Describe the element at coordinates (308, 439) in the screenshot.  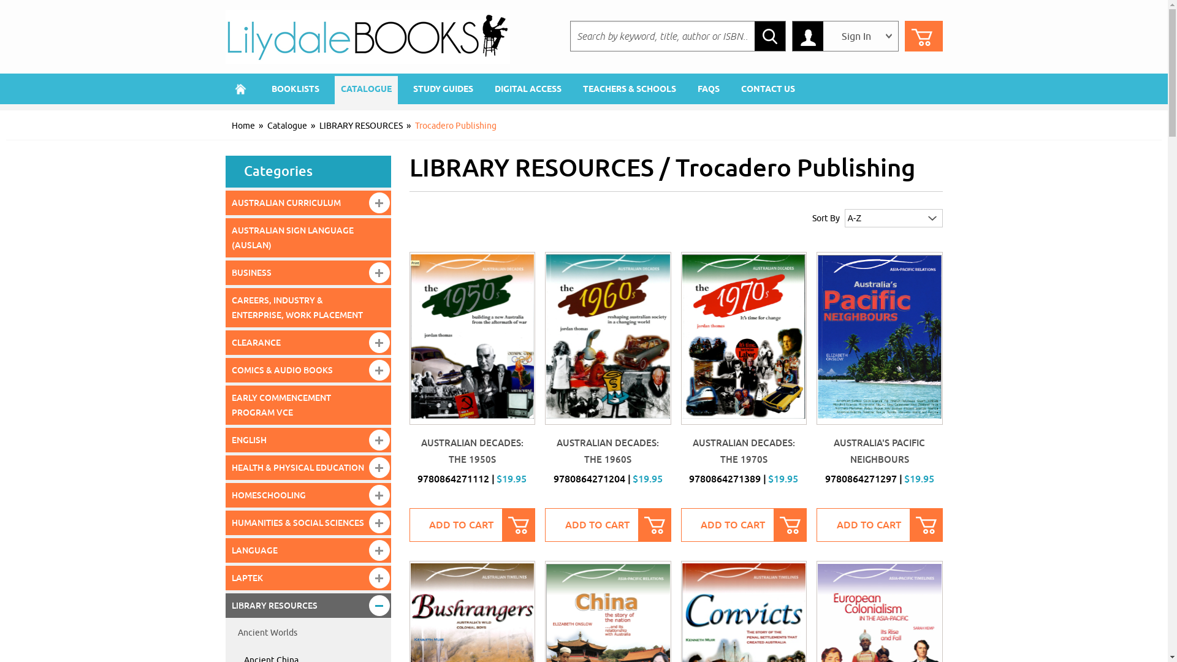
I see `'ENGLISH'` at that location.